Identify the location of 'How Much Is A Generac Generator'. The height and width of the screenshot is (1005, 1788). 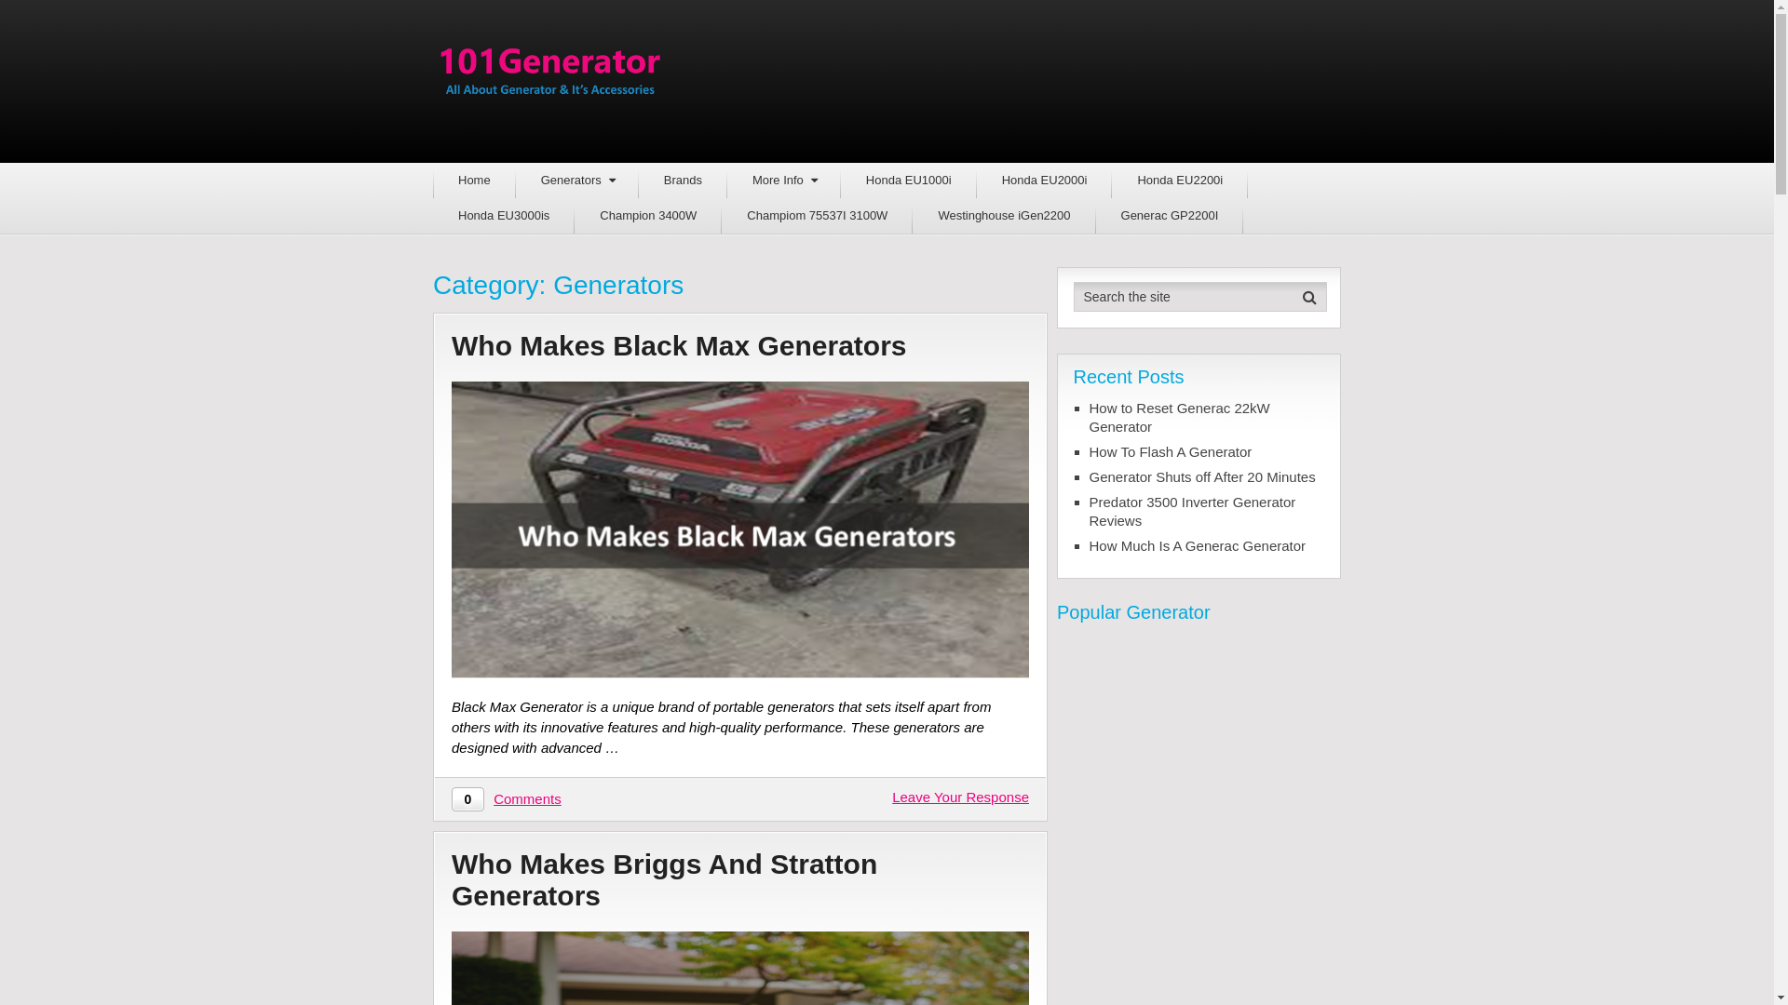
(1207, 544).